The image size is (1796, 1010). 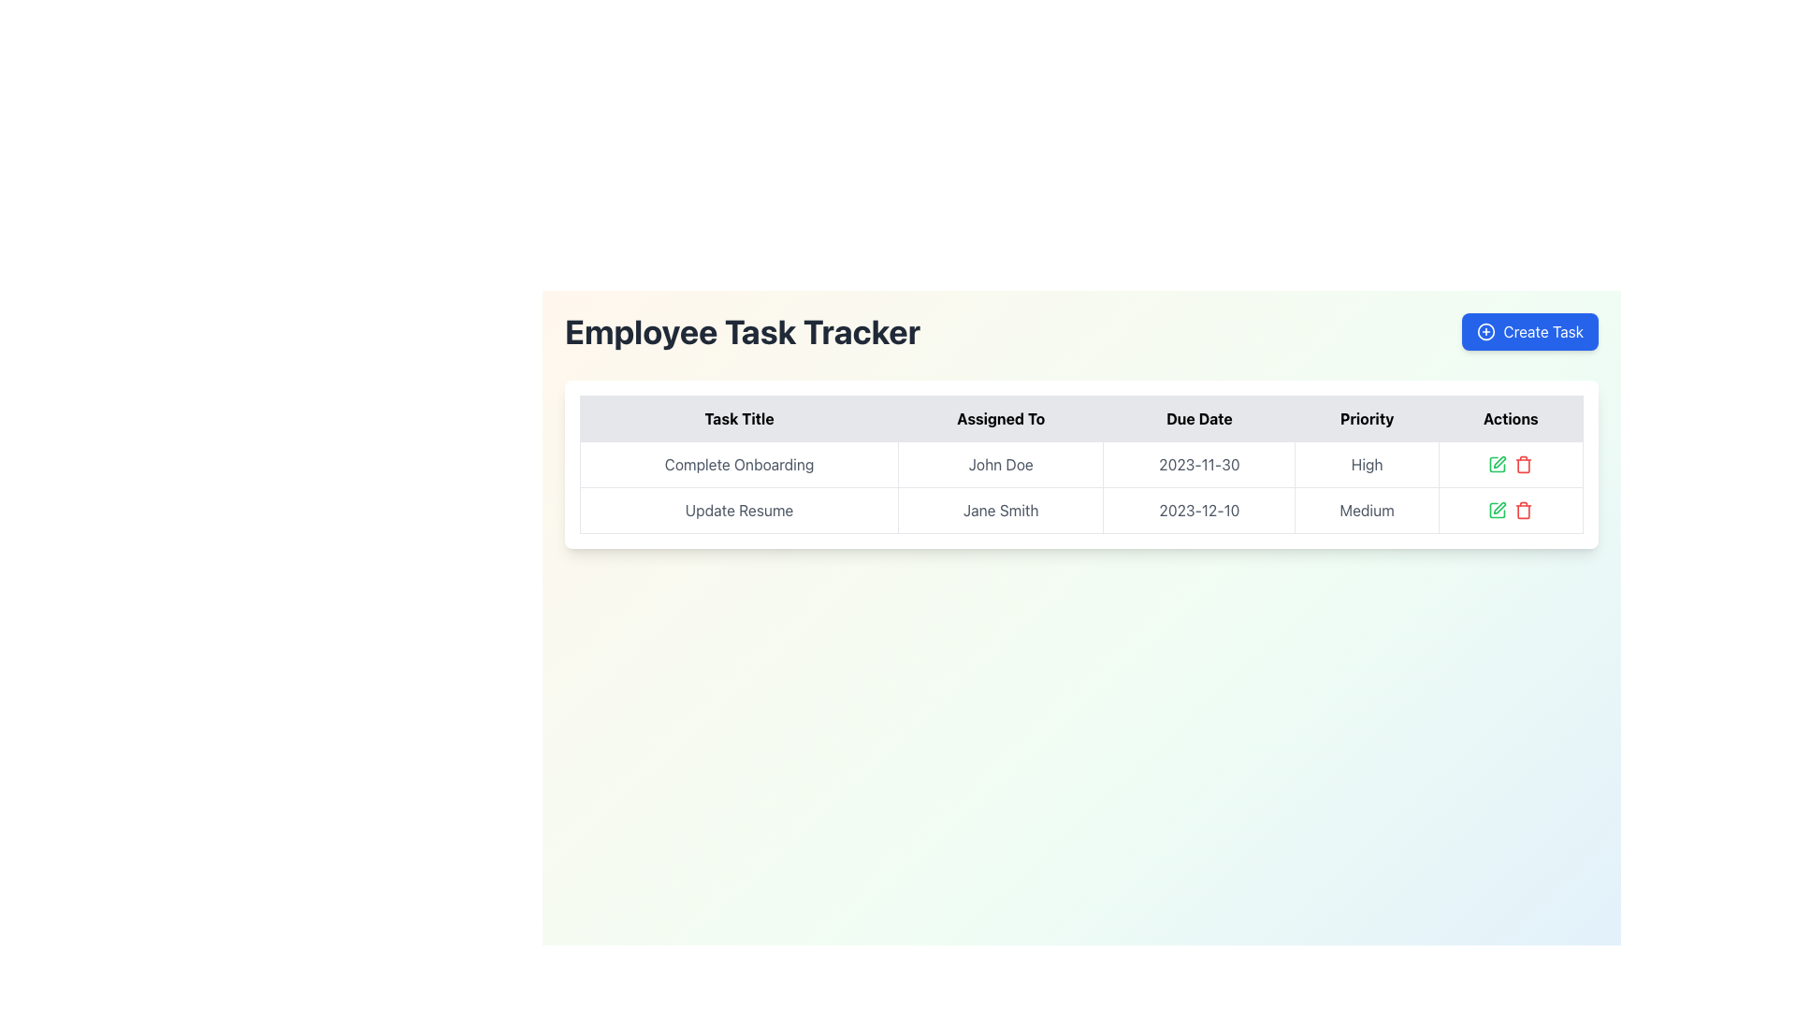 What do you see at coordinates (1511, 511) in the screenshot?
I see `the action control group containing the green and red icons for the task titled 'Update Resume' in the Actions column of the data table` at bounding box center [1511, 511].